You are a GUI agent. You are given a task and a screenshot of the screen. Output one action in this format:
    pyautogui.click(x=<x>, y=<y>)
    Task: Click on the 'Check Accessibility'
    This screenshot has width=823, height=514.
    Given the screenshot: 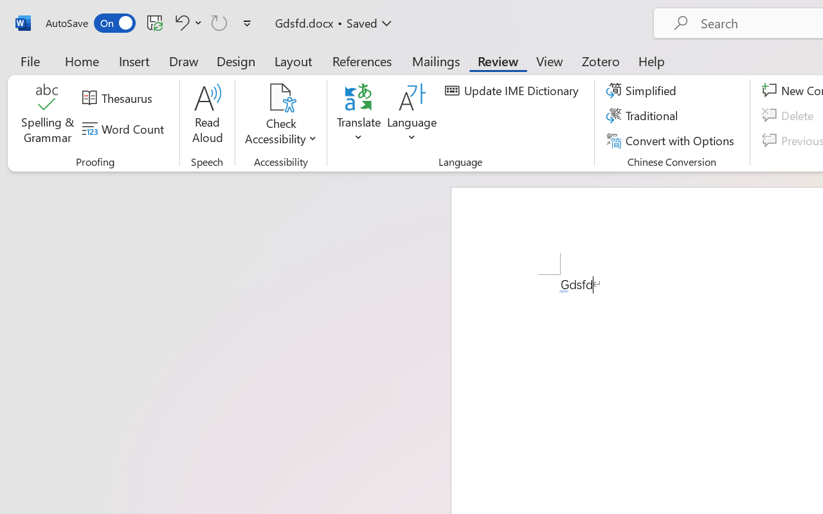 What is the action you would take?
    pyautogui.click(x=280, y=115)
    